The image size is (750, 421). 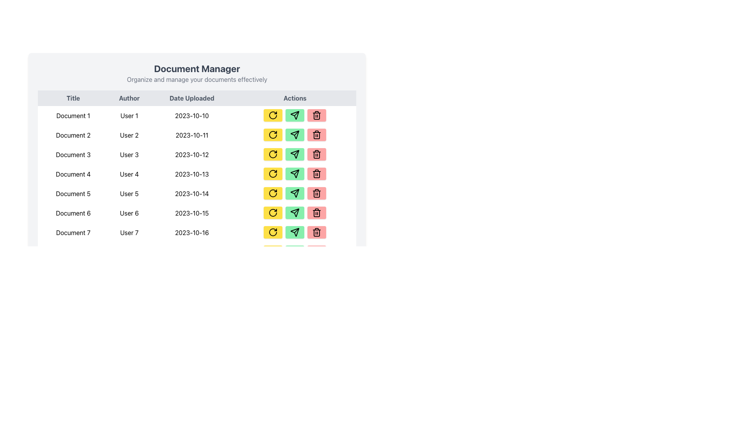 What do you see at coordinates (317, 173) in the screenshot?
I see `the trash icon button located in the fourth row of the 'Actions' column` at bounding box center [317, 173].